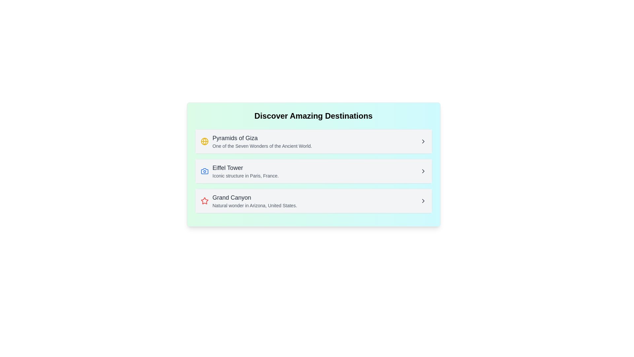 This screenshot has height=357, width=634. Describe the element at coordinates (423, 141) in the screenshot. I see `the right-pointing arrow icon embedded within the 'Pyramids of Giza' button to initiate further action` at that location.